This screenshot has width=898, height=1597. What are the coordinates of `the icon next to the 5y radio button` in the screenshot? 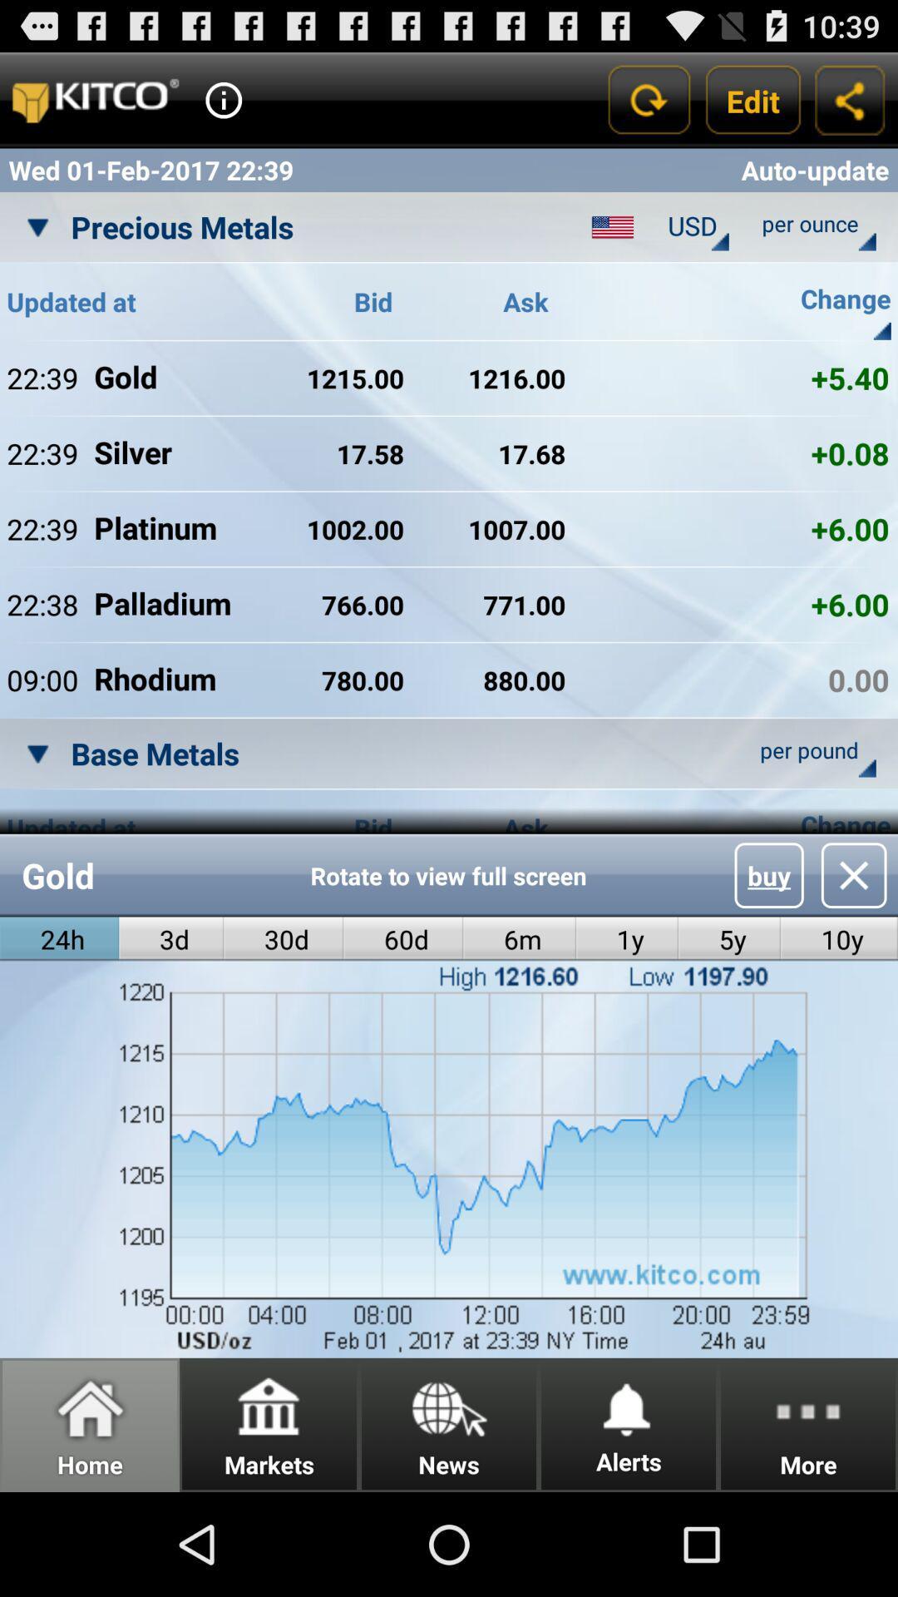 It's located at (627, 939).